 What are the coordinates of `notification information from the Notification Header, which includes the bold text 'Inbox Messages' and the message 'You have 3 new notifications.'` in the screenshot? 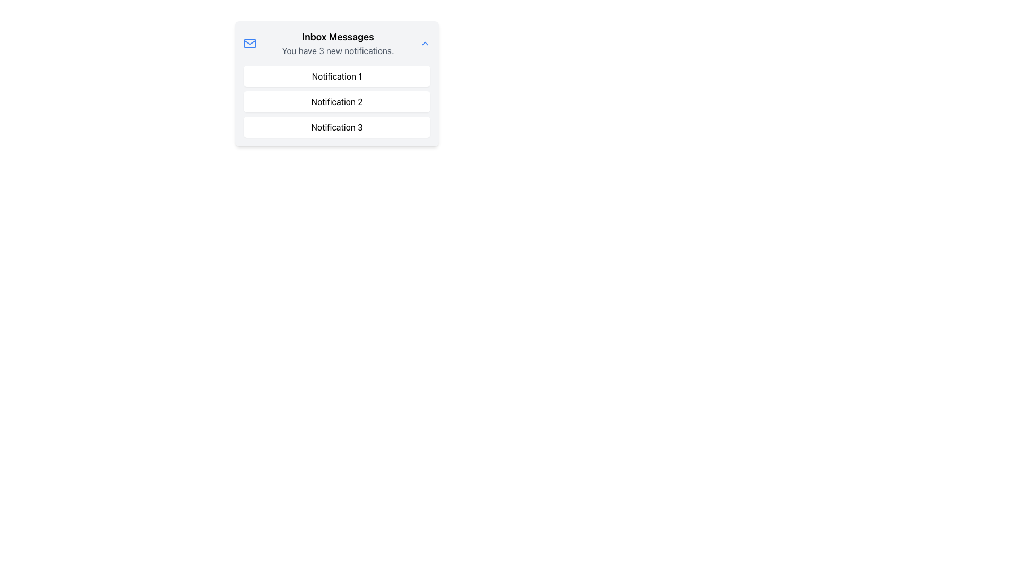 It's located at (336, 42).